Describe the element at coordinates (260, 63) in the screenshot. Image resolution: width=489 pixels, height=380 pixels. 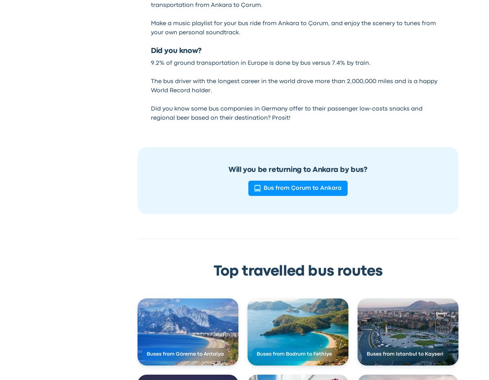
I see `'9.2% of ground transportation in Europe is done by bus versus 7.4% by train.'` at that location.